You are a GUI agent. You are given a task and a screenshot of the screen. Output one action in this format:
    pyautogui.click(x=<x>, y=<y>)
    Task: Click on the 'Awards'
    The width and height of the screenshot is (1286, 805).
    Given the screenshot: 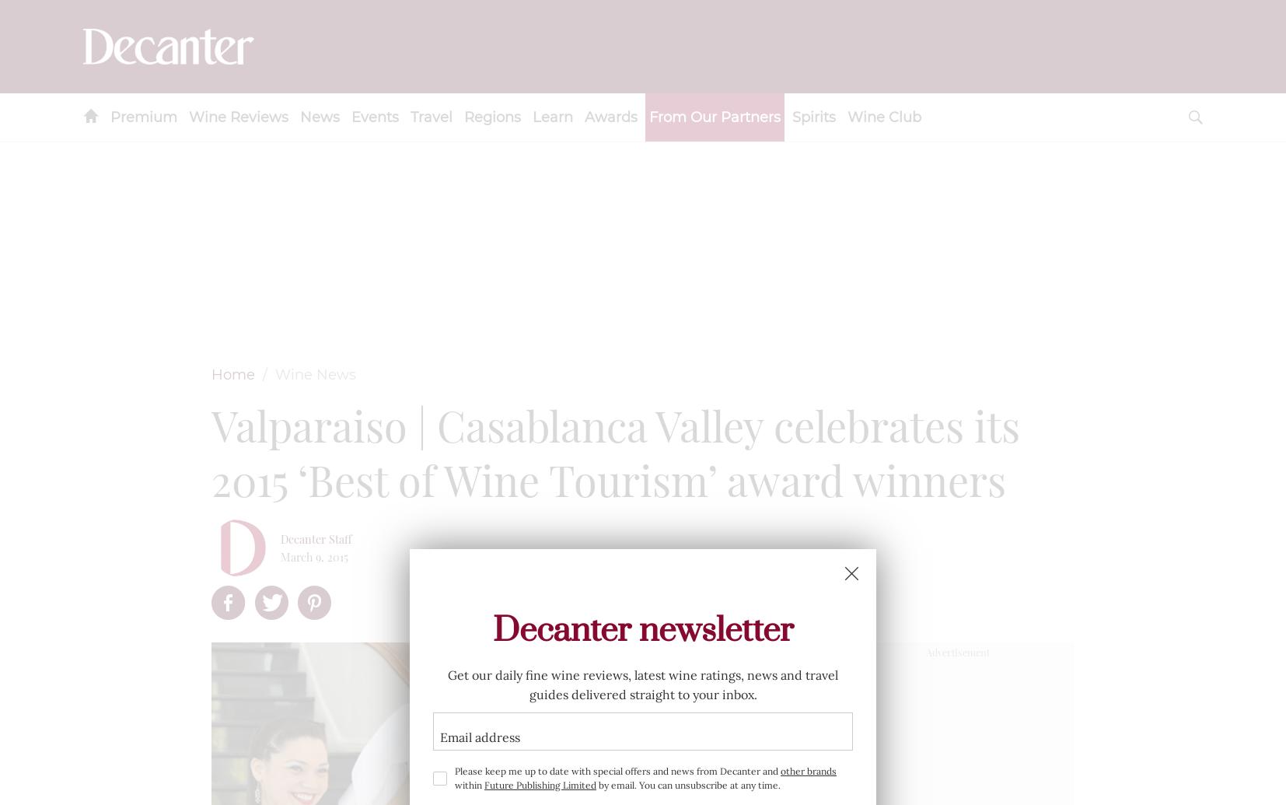 What is the action you would take?
    pyautogui.click(x=610, y=117)
    